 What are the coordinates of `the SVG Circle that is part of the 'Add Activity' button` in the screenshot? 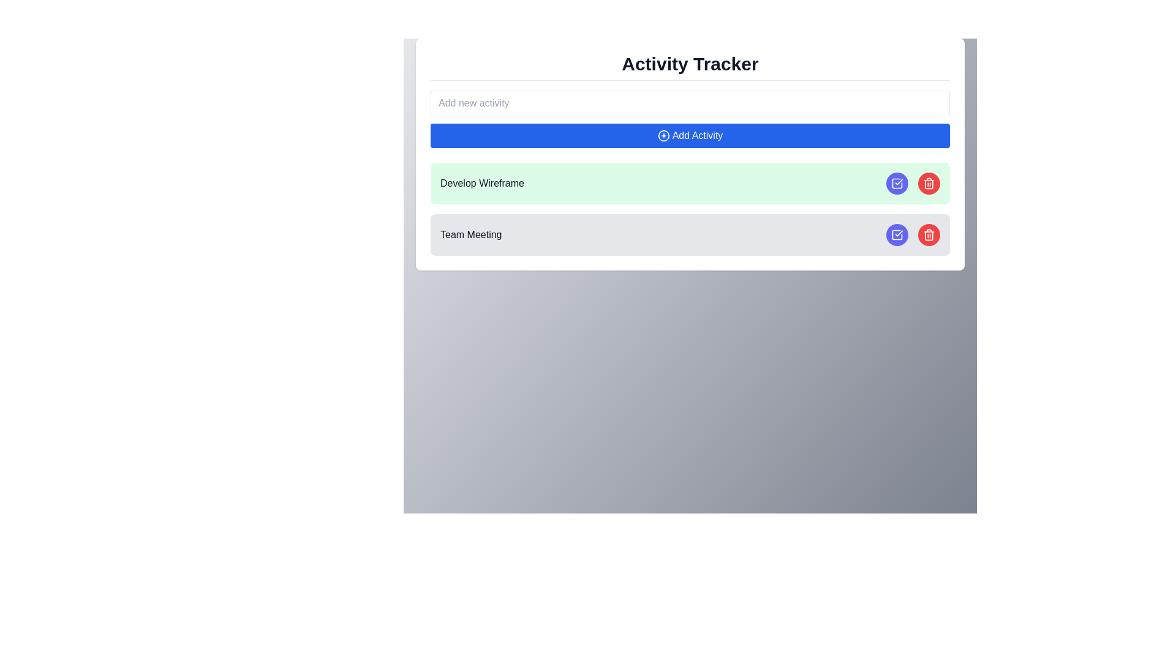 It's located at (663, 136).